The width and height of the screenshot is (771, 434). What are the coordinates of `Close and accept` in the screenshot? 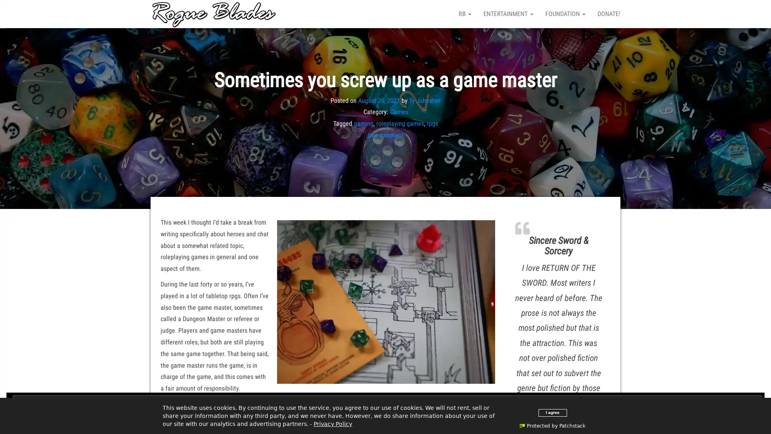 It's located at (387, 403).